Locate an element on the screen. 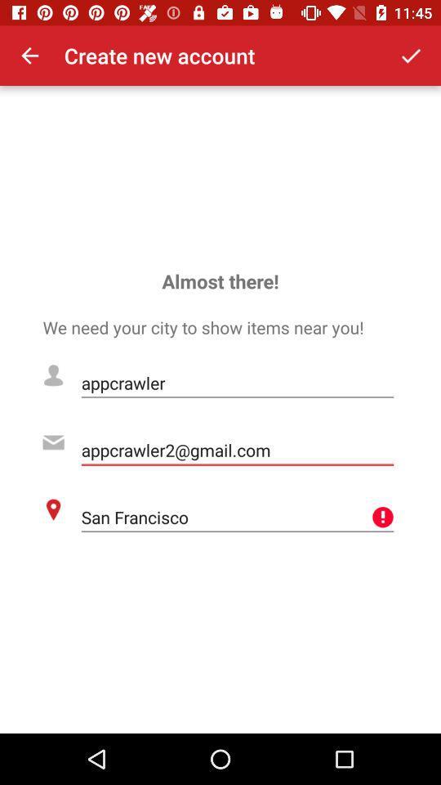 The width and height of the screenshot is (441, 785). the location text filed on the web page is located at coordinates (237, 517).